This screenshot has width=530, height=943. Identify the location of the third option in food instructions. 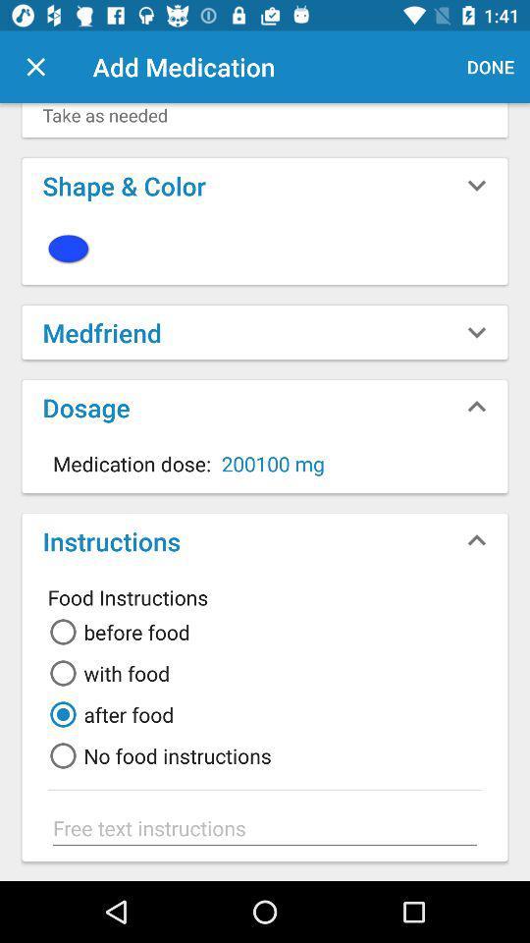
(108, 713).